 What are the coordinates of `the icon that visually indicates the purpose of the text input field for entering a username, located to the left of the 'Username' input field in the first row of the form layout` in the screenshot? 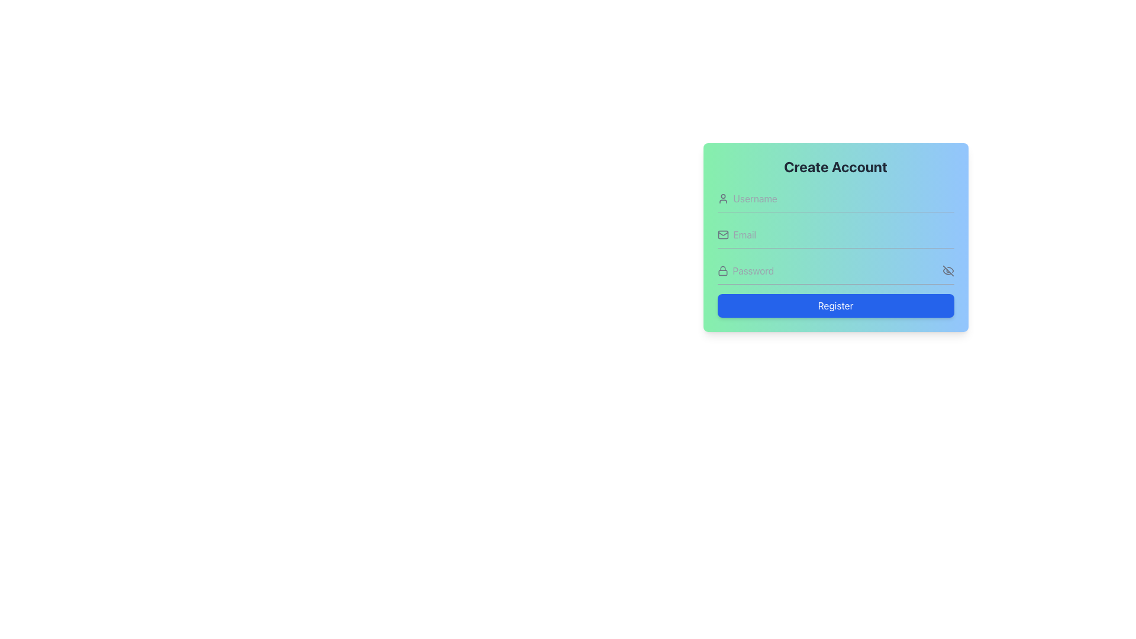 It's located at (722, 198).